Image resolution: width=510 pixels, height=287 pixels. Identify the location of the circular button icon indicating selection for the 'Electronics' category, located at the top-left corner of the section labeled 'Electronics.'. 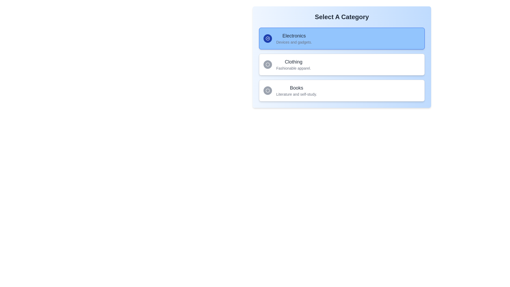
(268, 38).